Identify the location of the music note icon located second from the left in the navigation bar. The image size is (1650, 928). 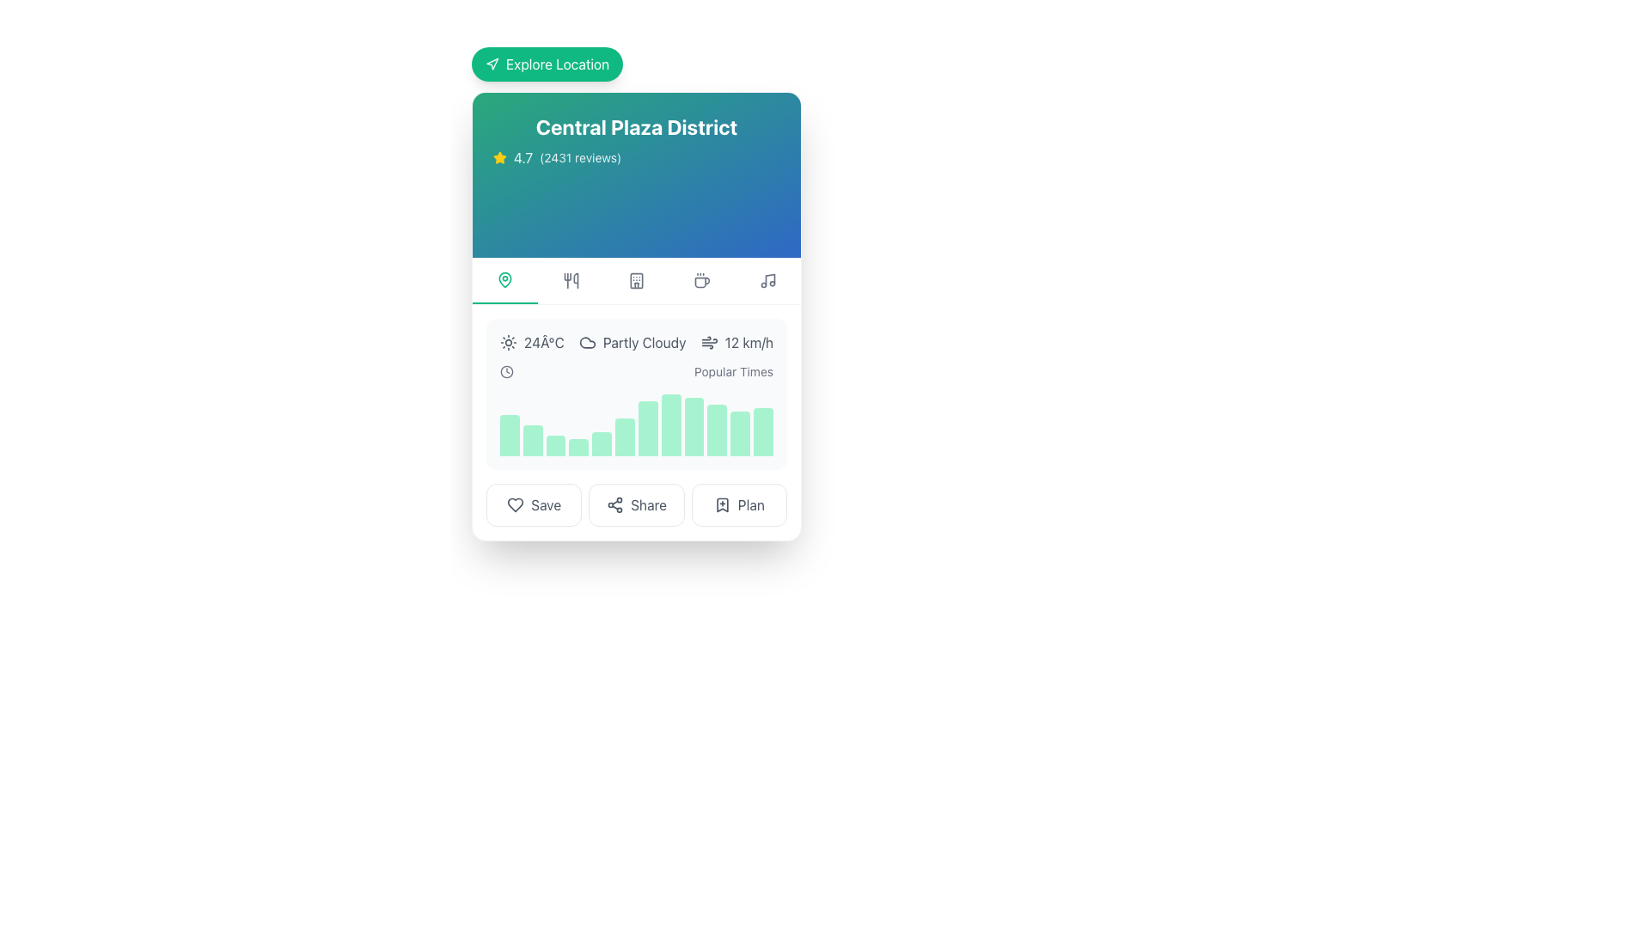
(767, 280).